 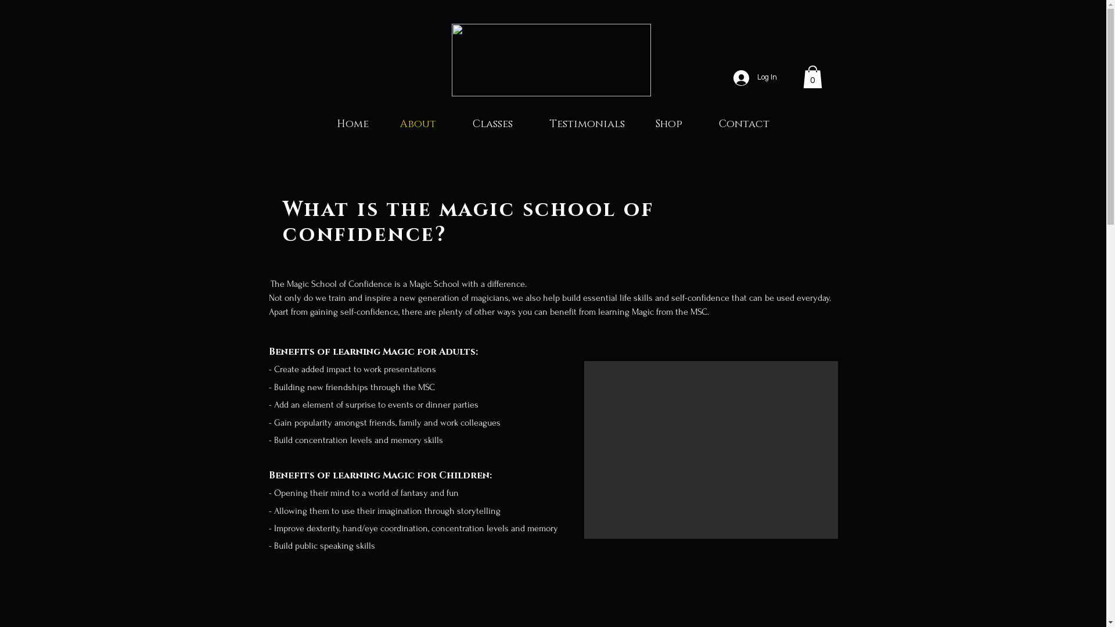 I want to click on 'Testimonials', so click(x=587, y=124).